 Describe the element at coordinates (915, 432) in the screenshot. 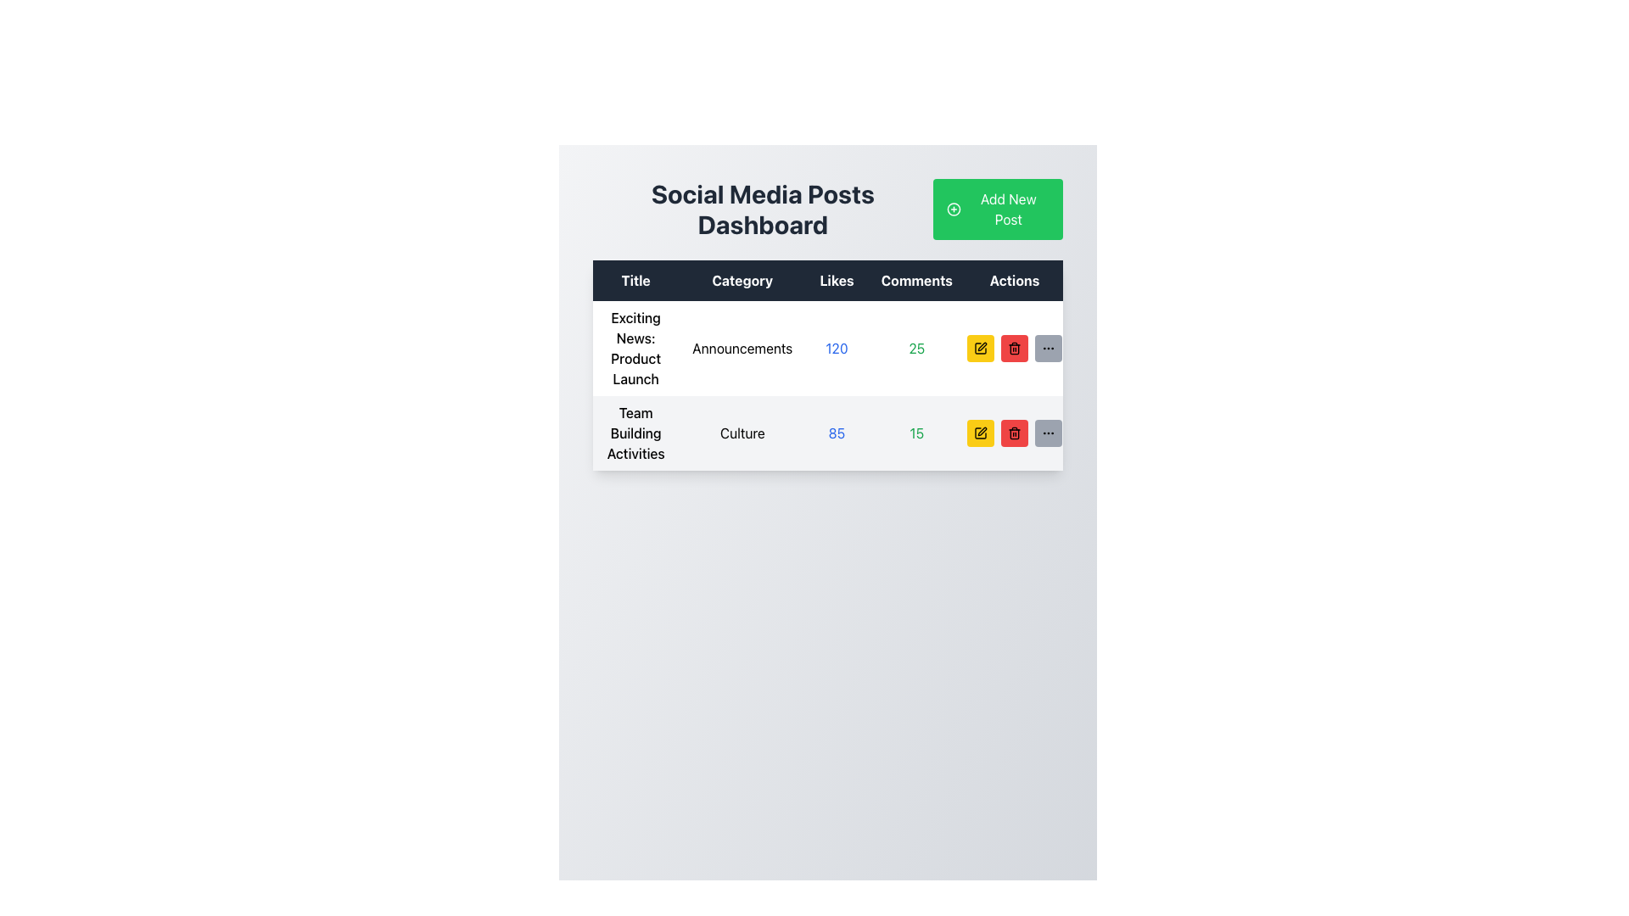

I see `the non-interactive text element indicating the number of comments in the 'Comments' column of the second row of the table` at that location.